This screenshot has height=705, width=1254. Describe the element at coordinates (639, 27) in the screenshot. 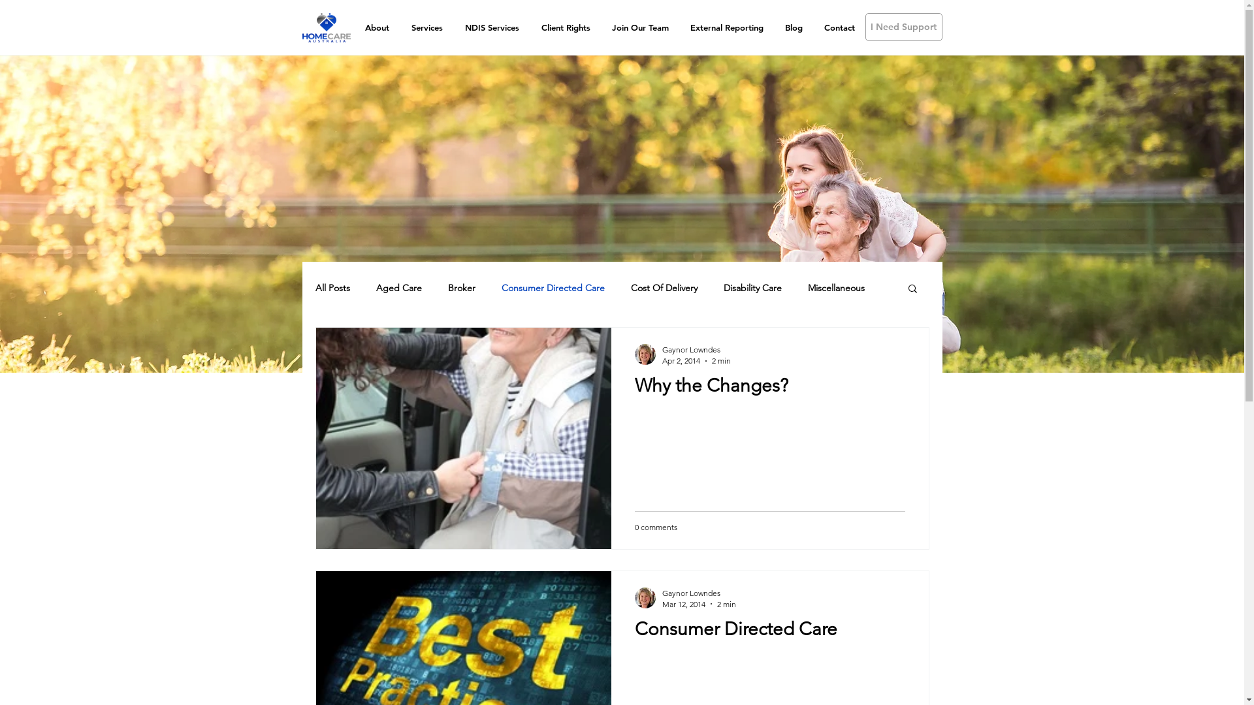

I see `'Join Our Team'` at that location.